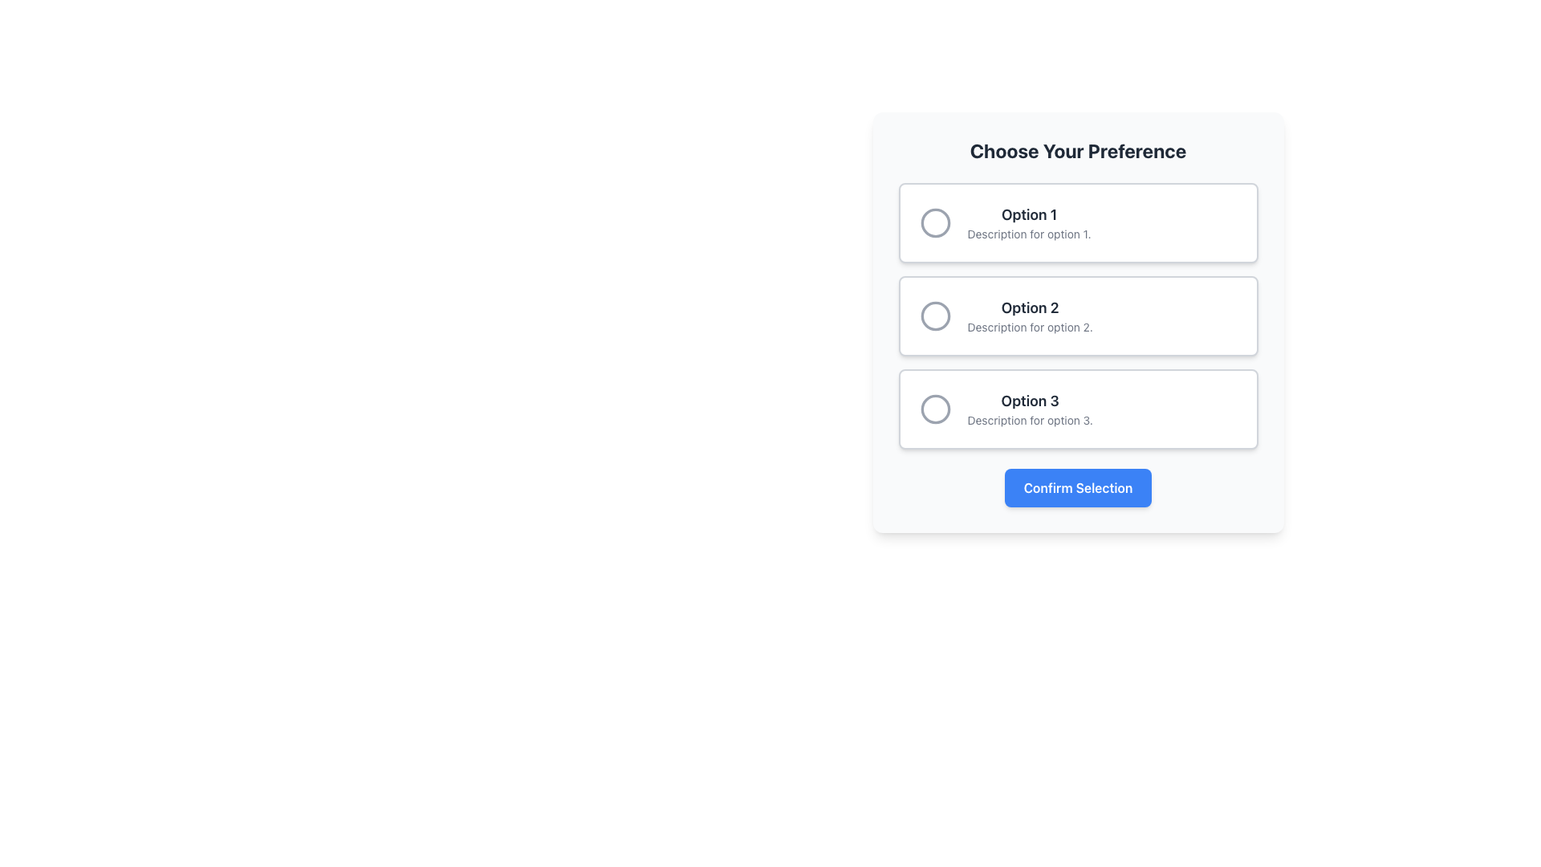 The height and width of the screenshot is (867, 1541). Describe the element at coordinates (1029, 222) in the screenshot. I see `text content of the first selectable option in the topmost card of the vertically stacked list of selection cards` at that location.